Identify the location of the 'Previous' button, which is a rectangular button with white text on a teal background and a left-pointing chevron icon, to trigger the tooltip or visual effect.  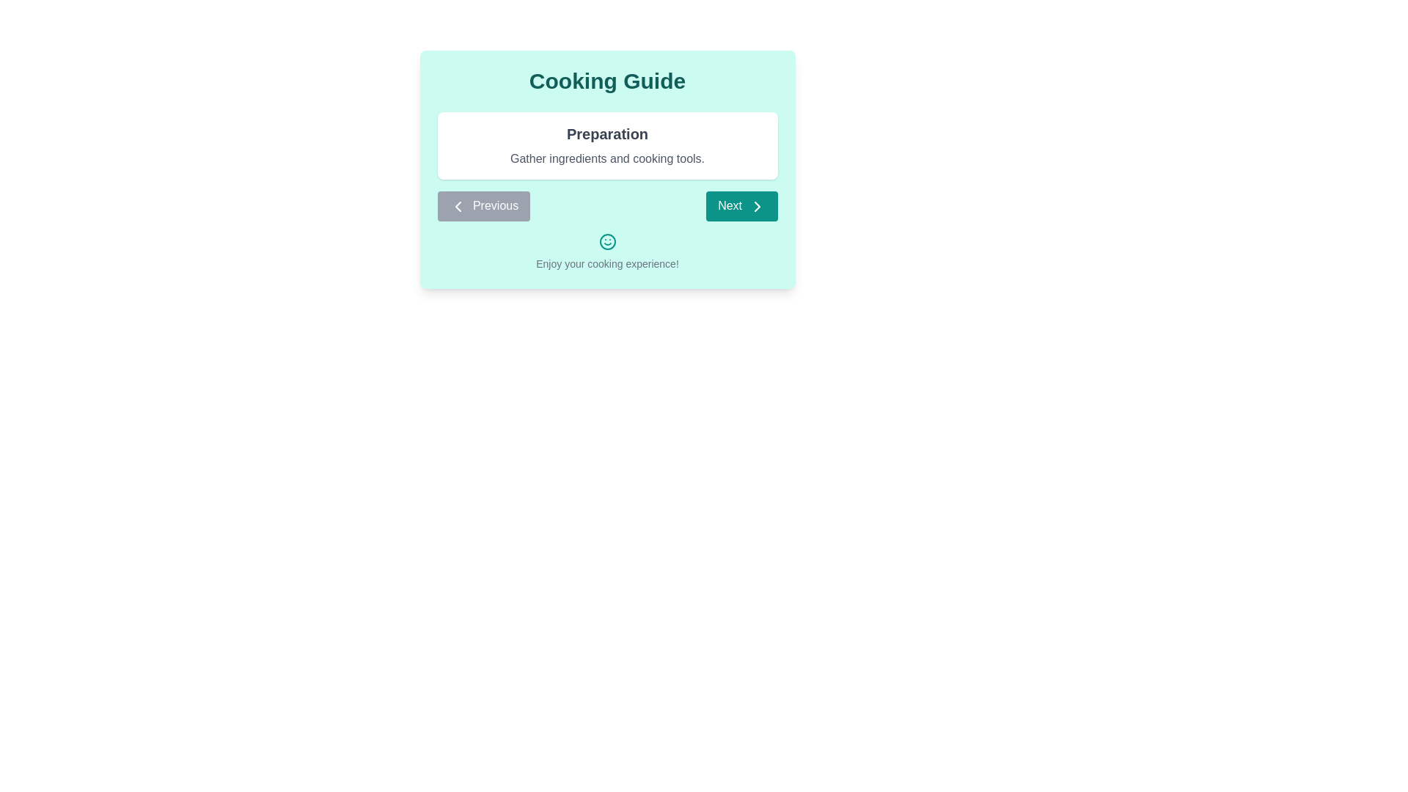
(483, 206).